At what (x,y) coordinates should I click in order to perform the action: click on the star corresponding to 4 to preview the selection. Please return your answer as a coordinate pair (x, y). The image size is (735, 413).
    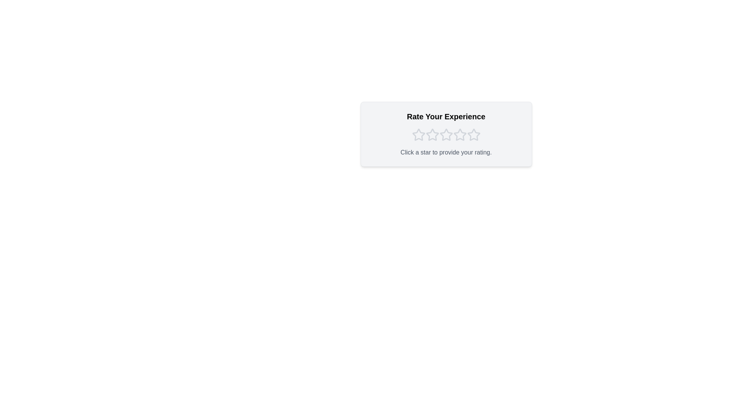
    Looking at the image, I should click on (459, 135).